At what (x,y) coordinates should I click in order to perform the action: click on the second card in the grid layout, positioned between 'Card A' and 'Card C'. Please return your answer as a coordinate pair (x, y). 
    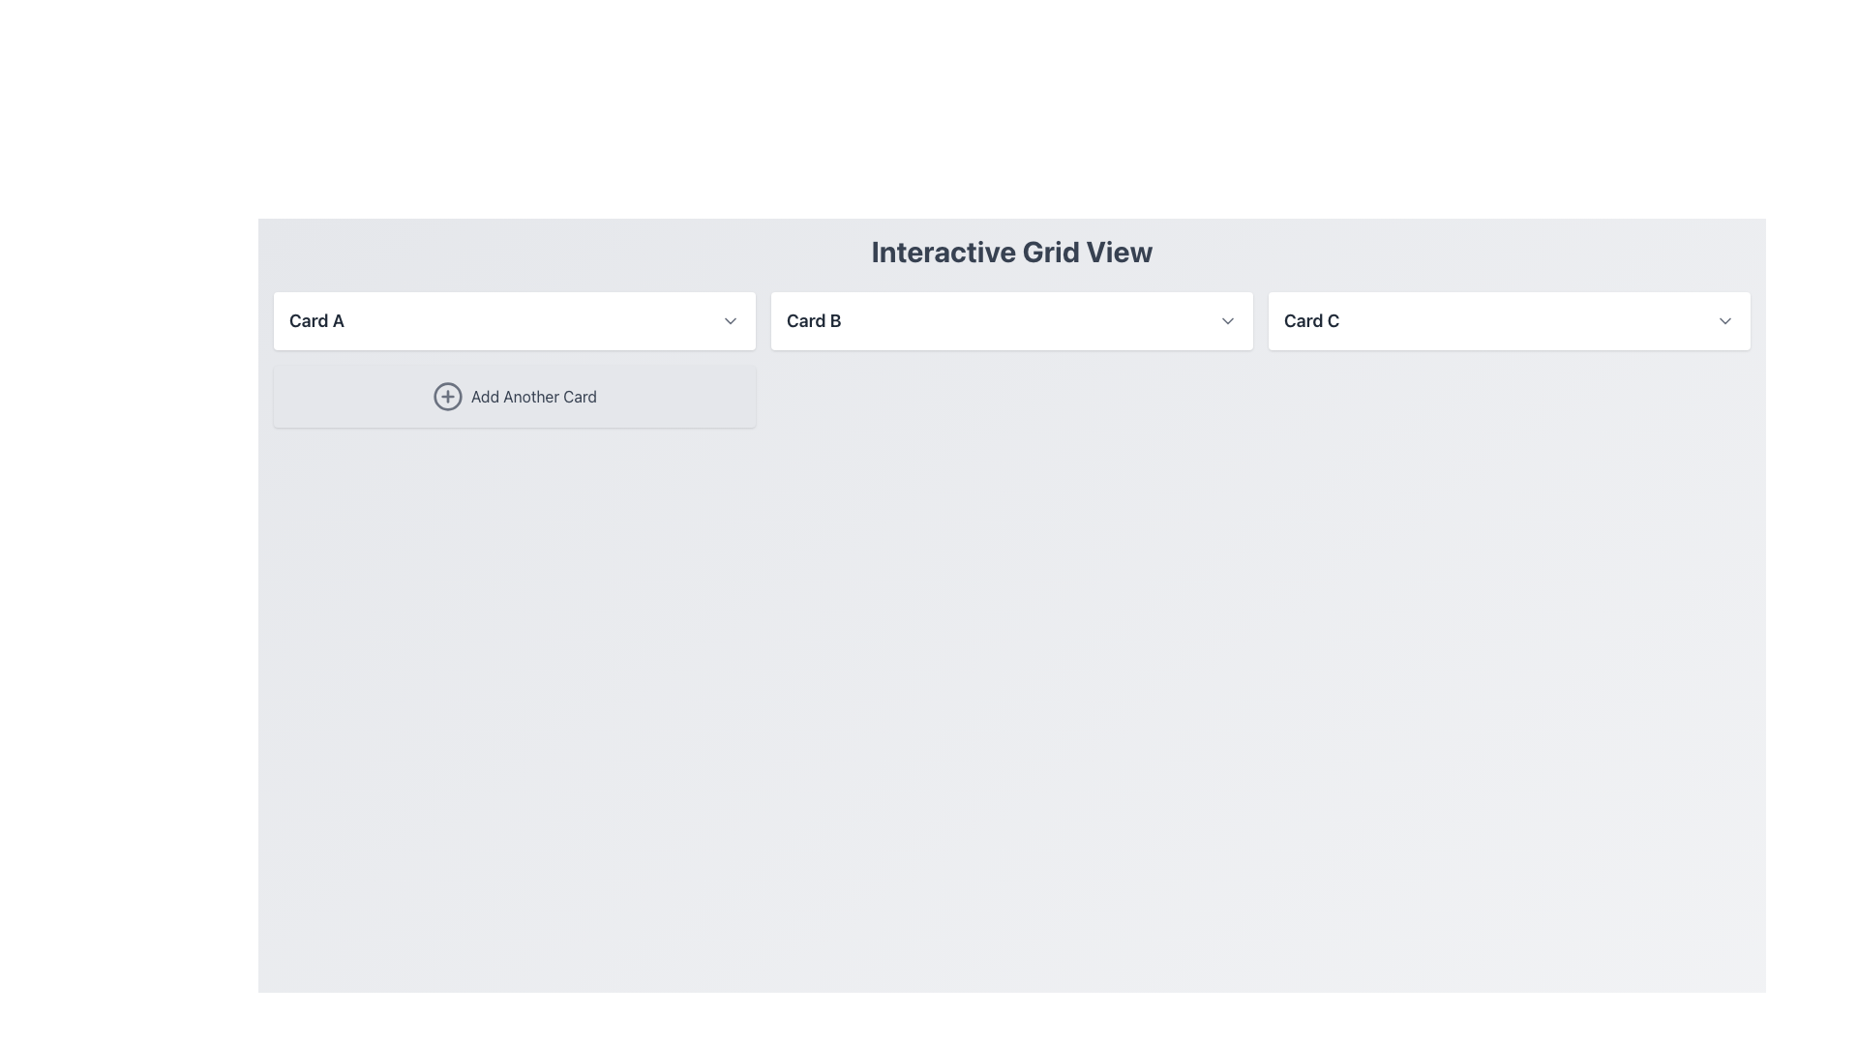
    Looking at the image, I should click on (1011, 319).